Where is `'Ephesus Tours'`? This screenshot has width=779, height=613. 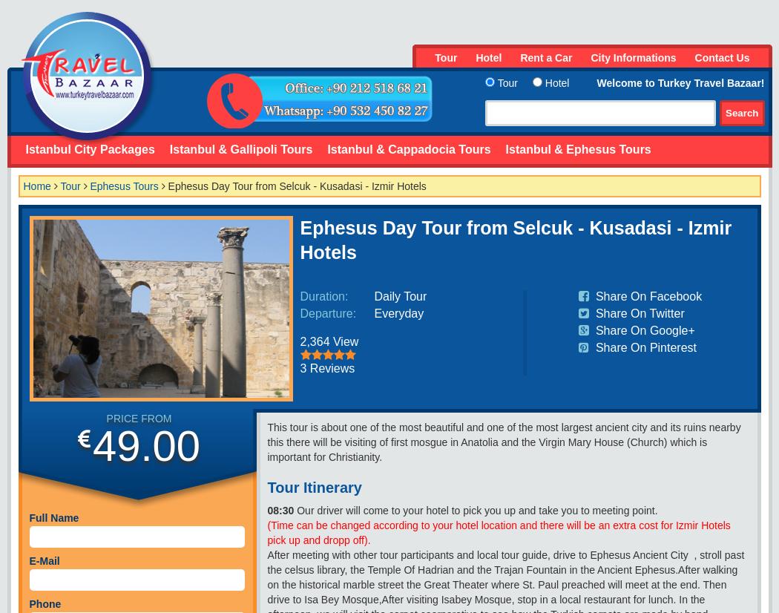
'Ephesus Tours' is located at coordinates (123, 186).